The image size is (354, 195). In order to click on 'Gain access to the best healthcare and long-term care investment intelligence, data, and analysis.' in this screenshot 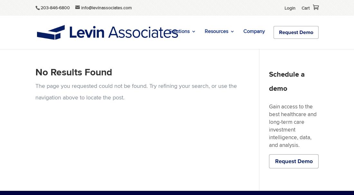, I will do `click(269, 125)`.